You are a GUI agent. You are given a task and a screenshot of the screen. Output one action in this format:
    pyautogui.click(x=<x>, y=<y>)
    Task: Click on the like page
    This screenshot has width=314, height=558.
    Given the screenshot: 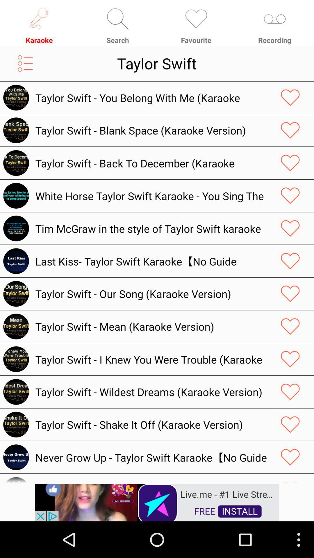 What is the action you would take?
    pyautogui.click(x=290, y=261)
    